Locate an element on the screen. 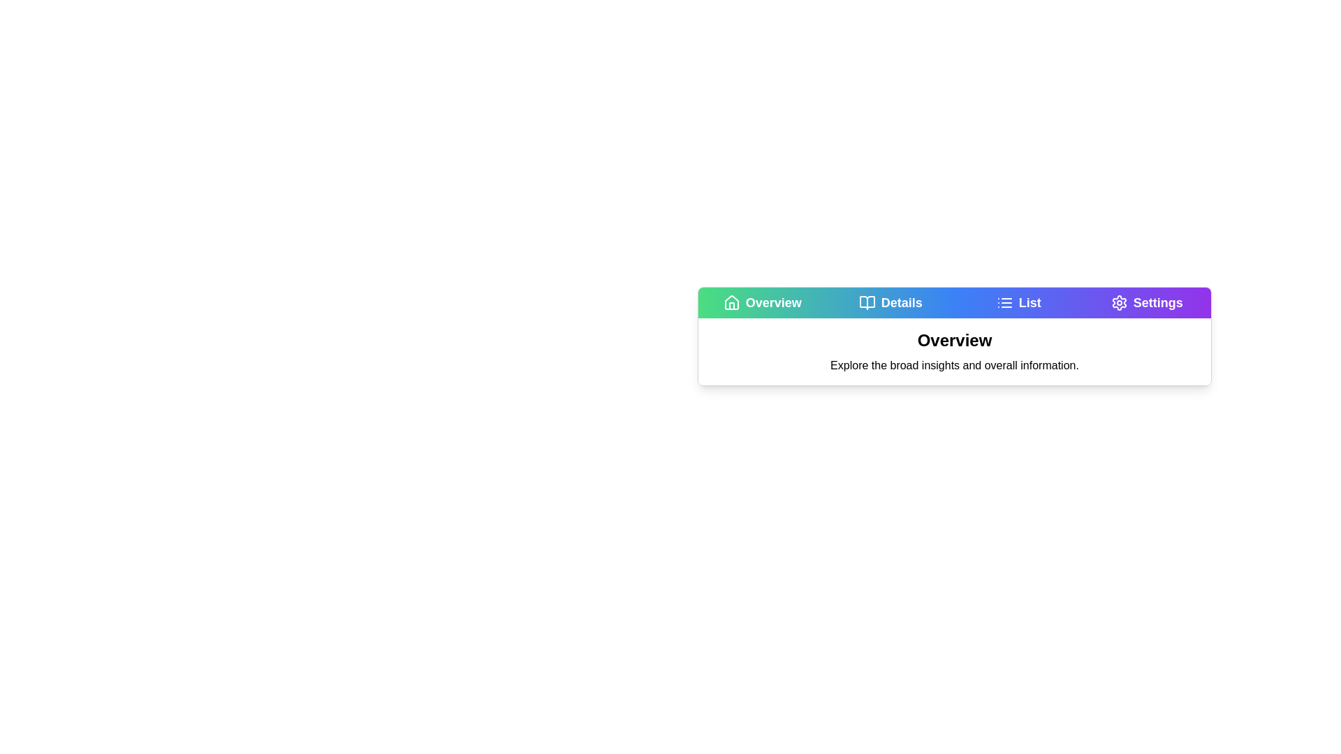 This screenshot has width=1341, height=754. the 'List' navigation button located in the third position of the navigation bar, which is between 'Details' and 'Settings' is located at coordinates (1018, 302).